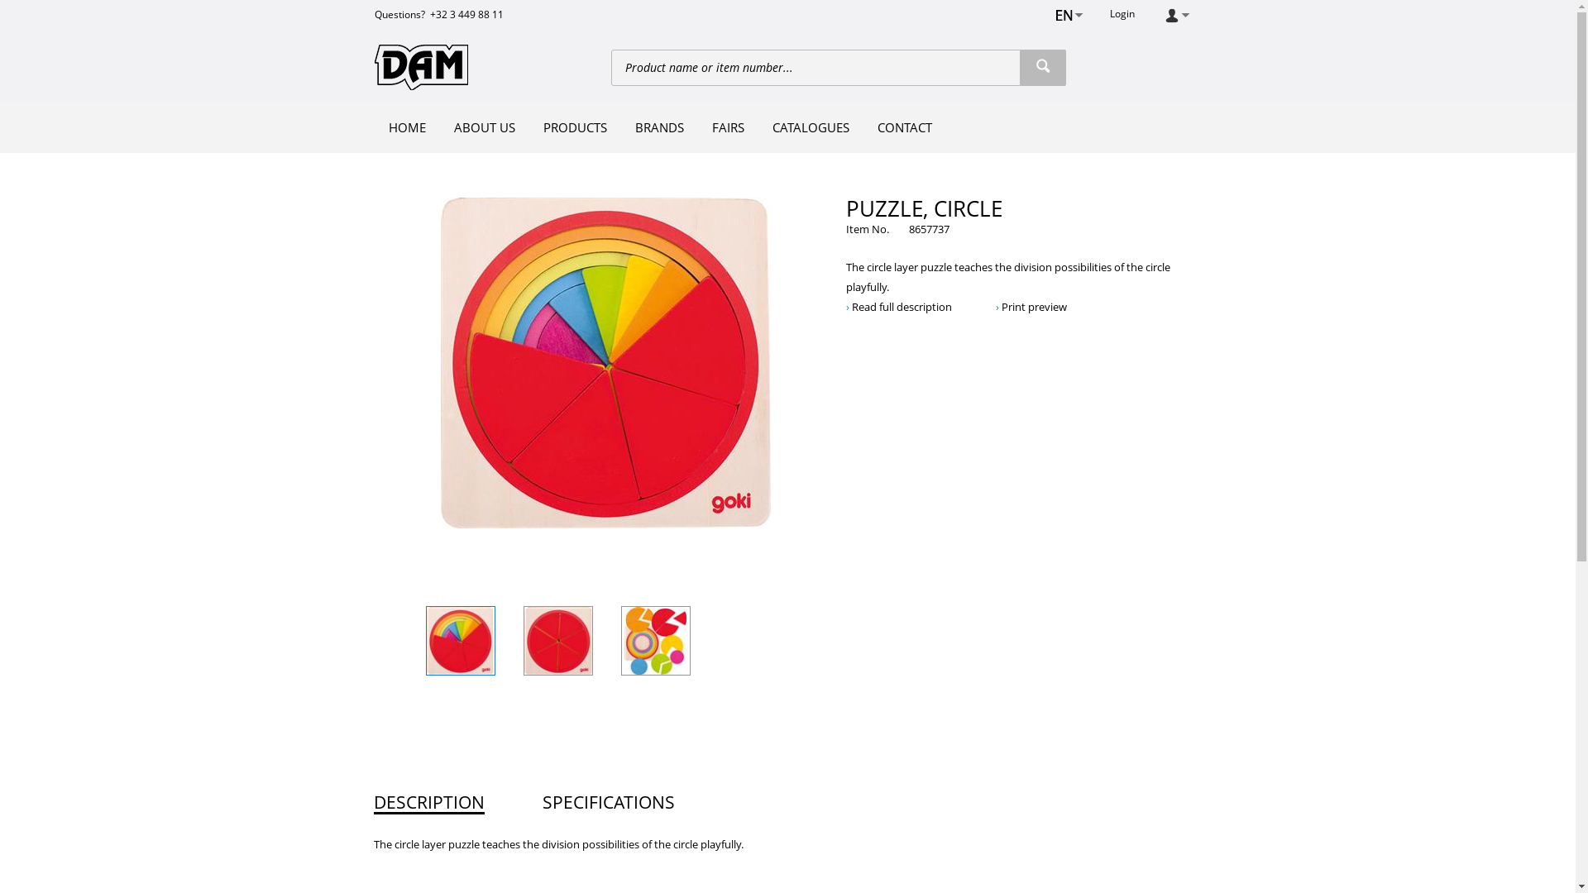  Describe the element at coordinates (757, 127) in the screenshot. I see `'CATALOGUES'` at that location.